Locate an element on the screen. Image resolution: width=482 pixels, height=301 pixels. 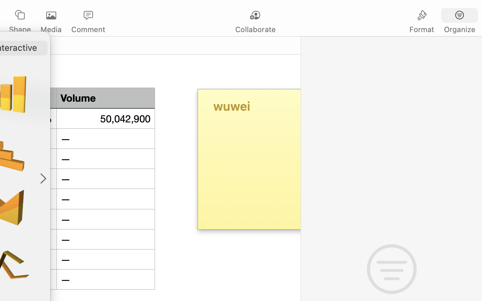
'Organize' is located at coordinates (459, 29).